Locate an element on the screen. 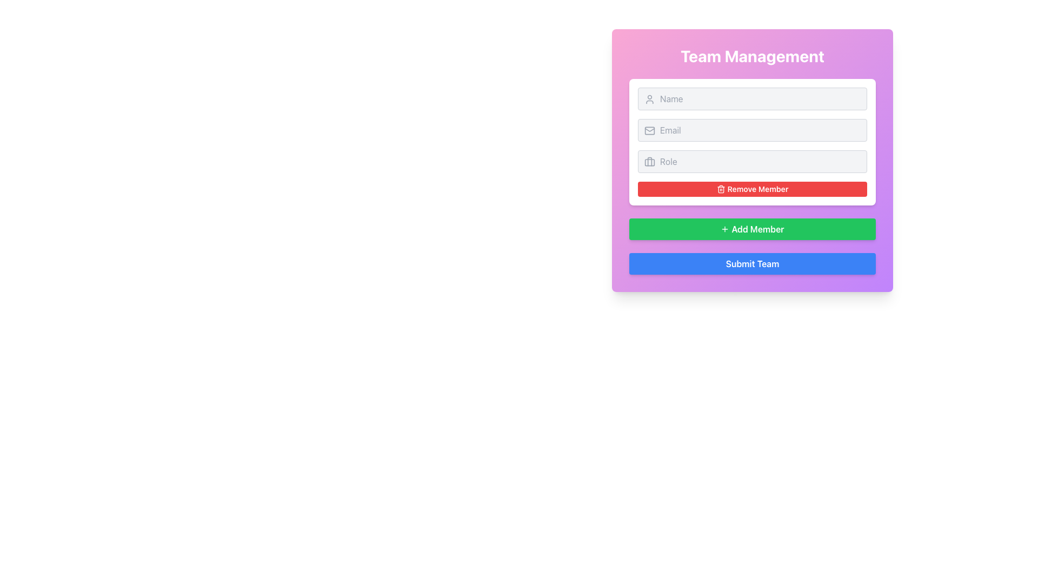  label that says 'Remove Member' on the red rectangular button located near the bottom of the 'Team Management' box is located at coordinates (757, 189).